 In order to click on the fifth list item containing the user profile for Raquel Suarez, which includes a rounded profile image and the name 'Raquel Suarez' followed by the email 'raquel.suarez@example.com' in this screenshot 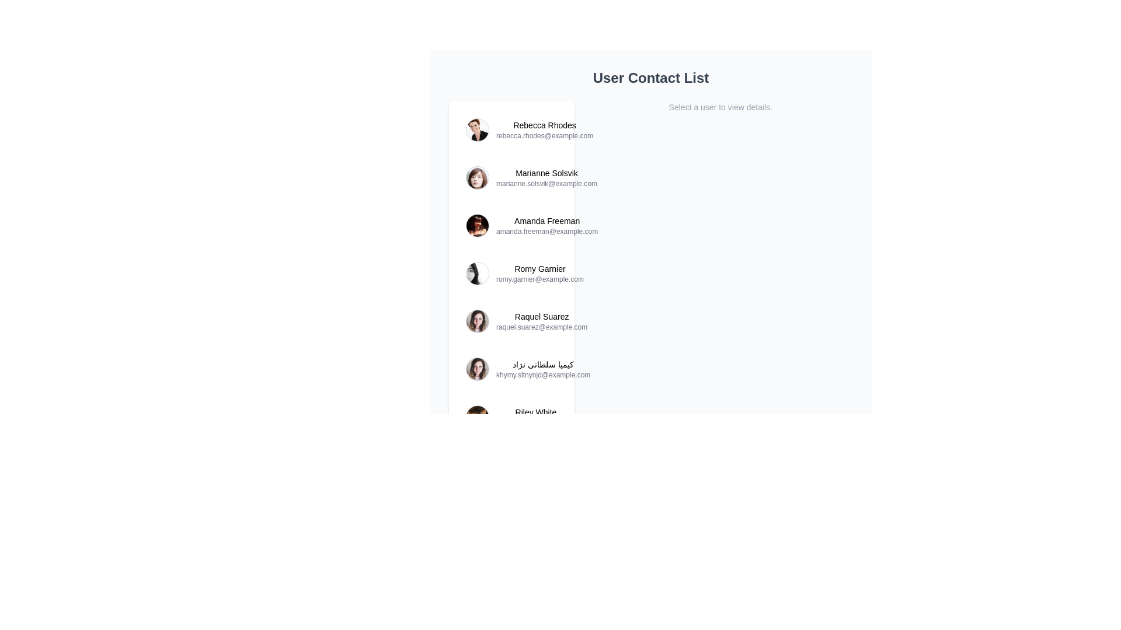, I will do `click(511, 321)`.